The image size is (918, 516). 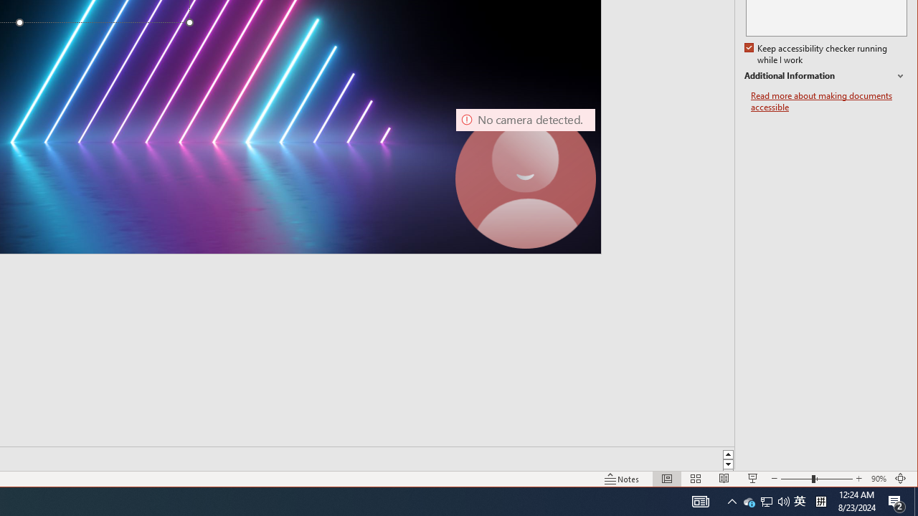 I want to click on 'Action Center, 2 new notifications', so click(x=896, y=500).